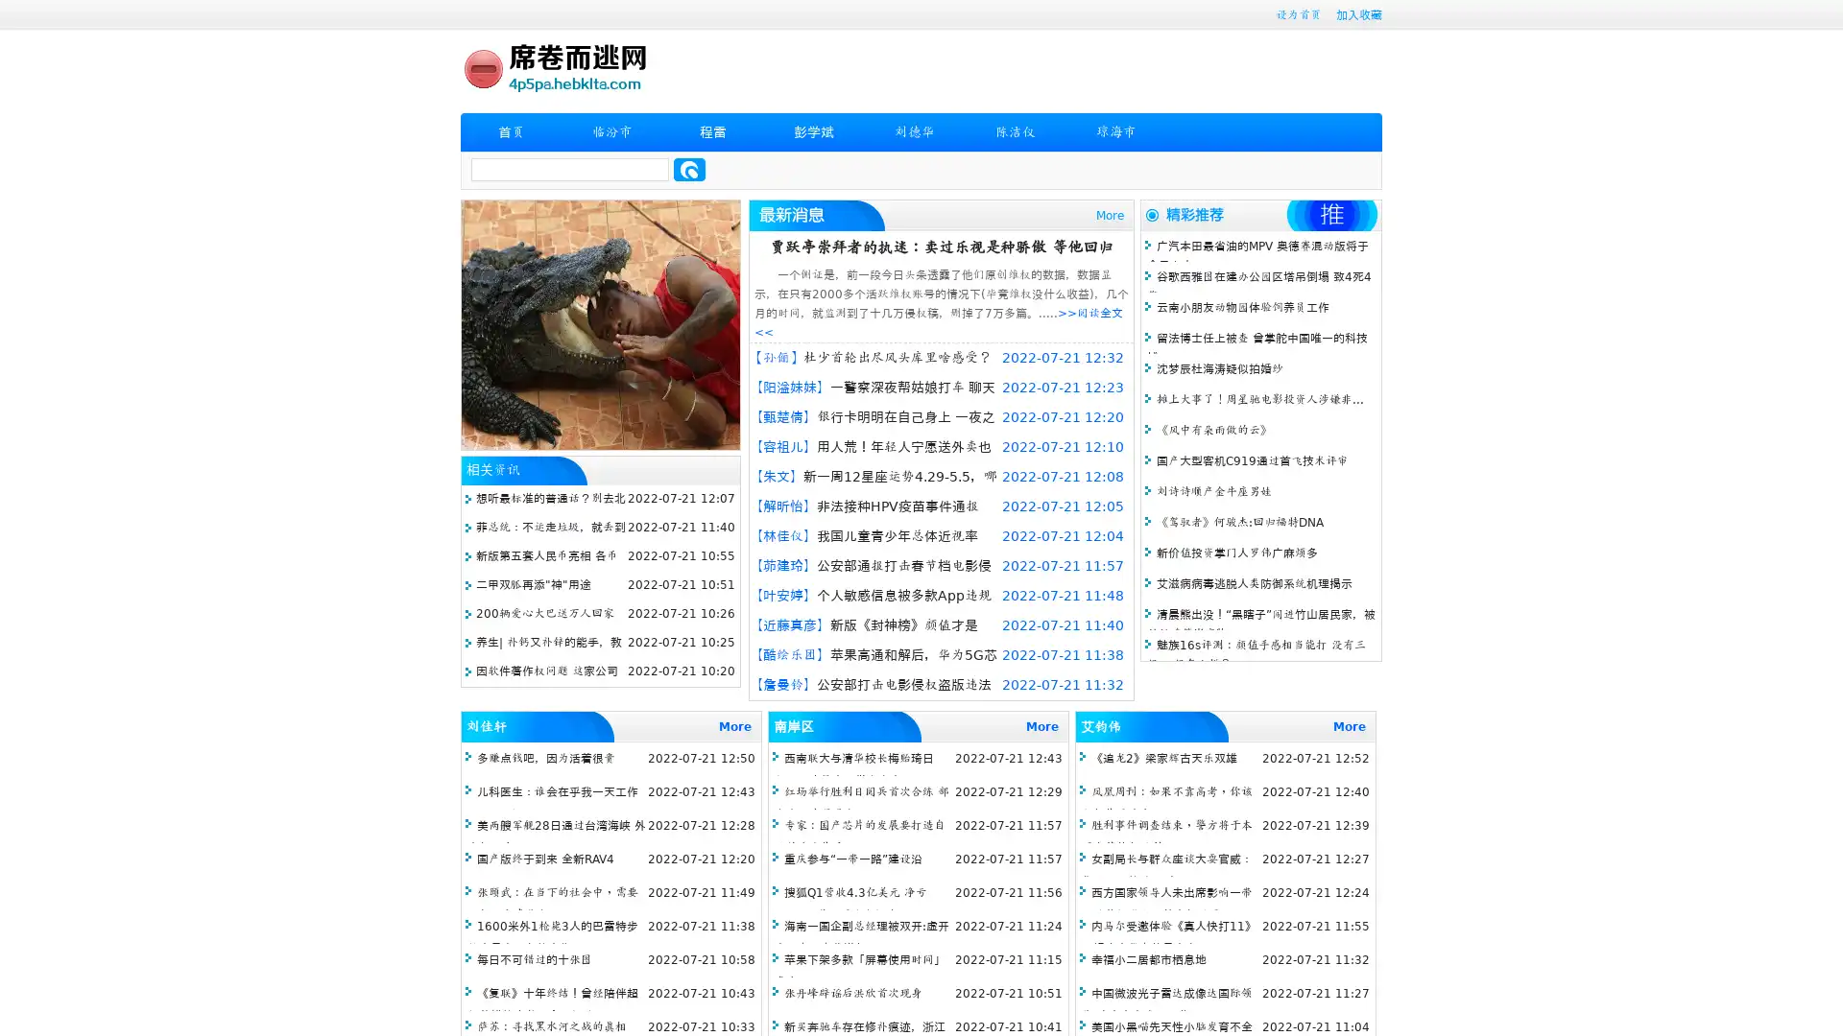  Describe the element at coordinates (689, 169) in the screenshot. I see `Search` at that location.